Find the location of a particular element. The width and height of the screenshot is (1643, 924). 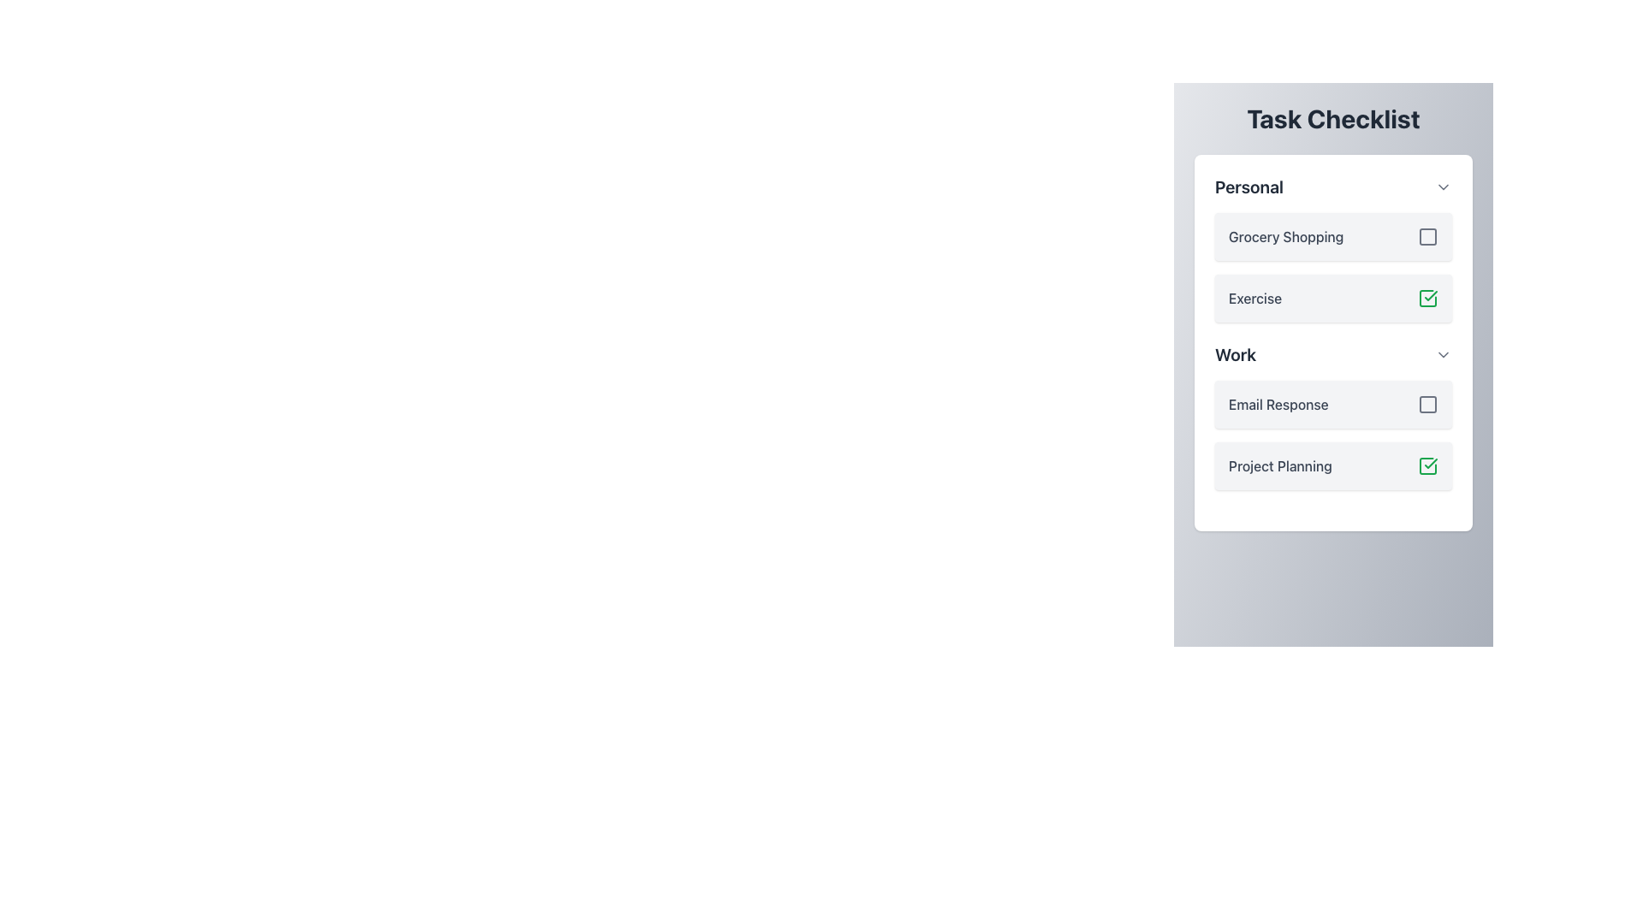

the decorative checkmark icon in the 'Task Checklist' application, which indicates the completion status of the 'Project Planning' task under the 'Work' category is located at coordinates (1428, 297).